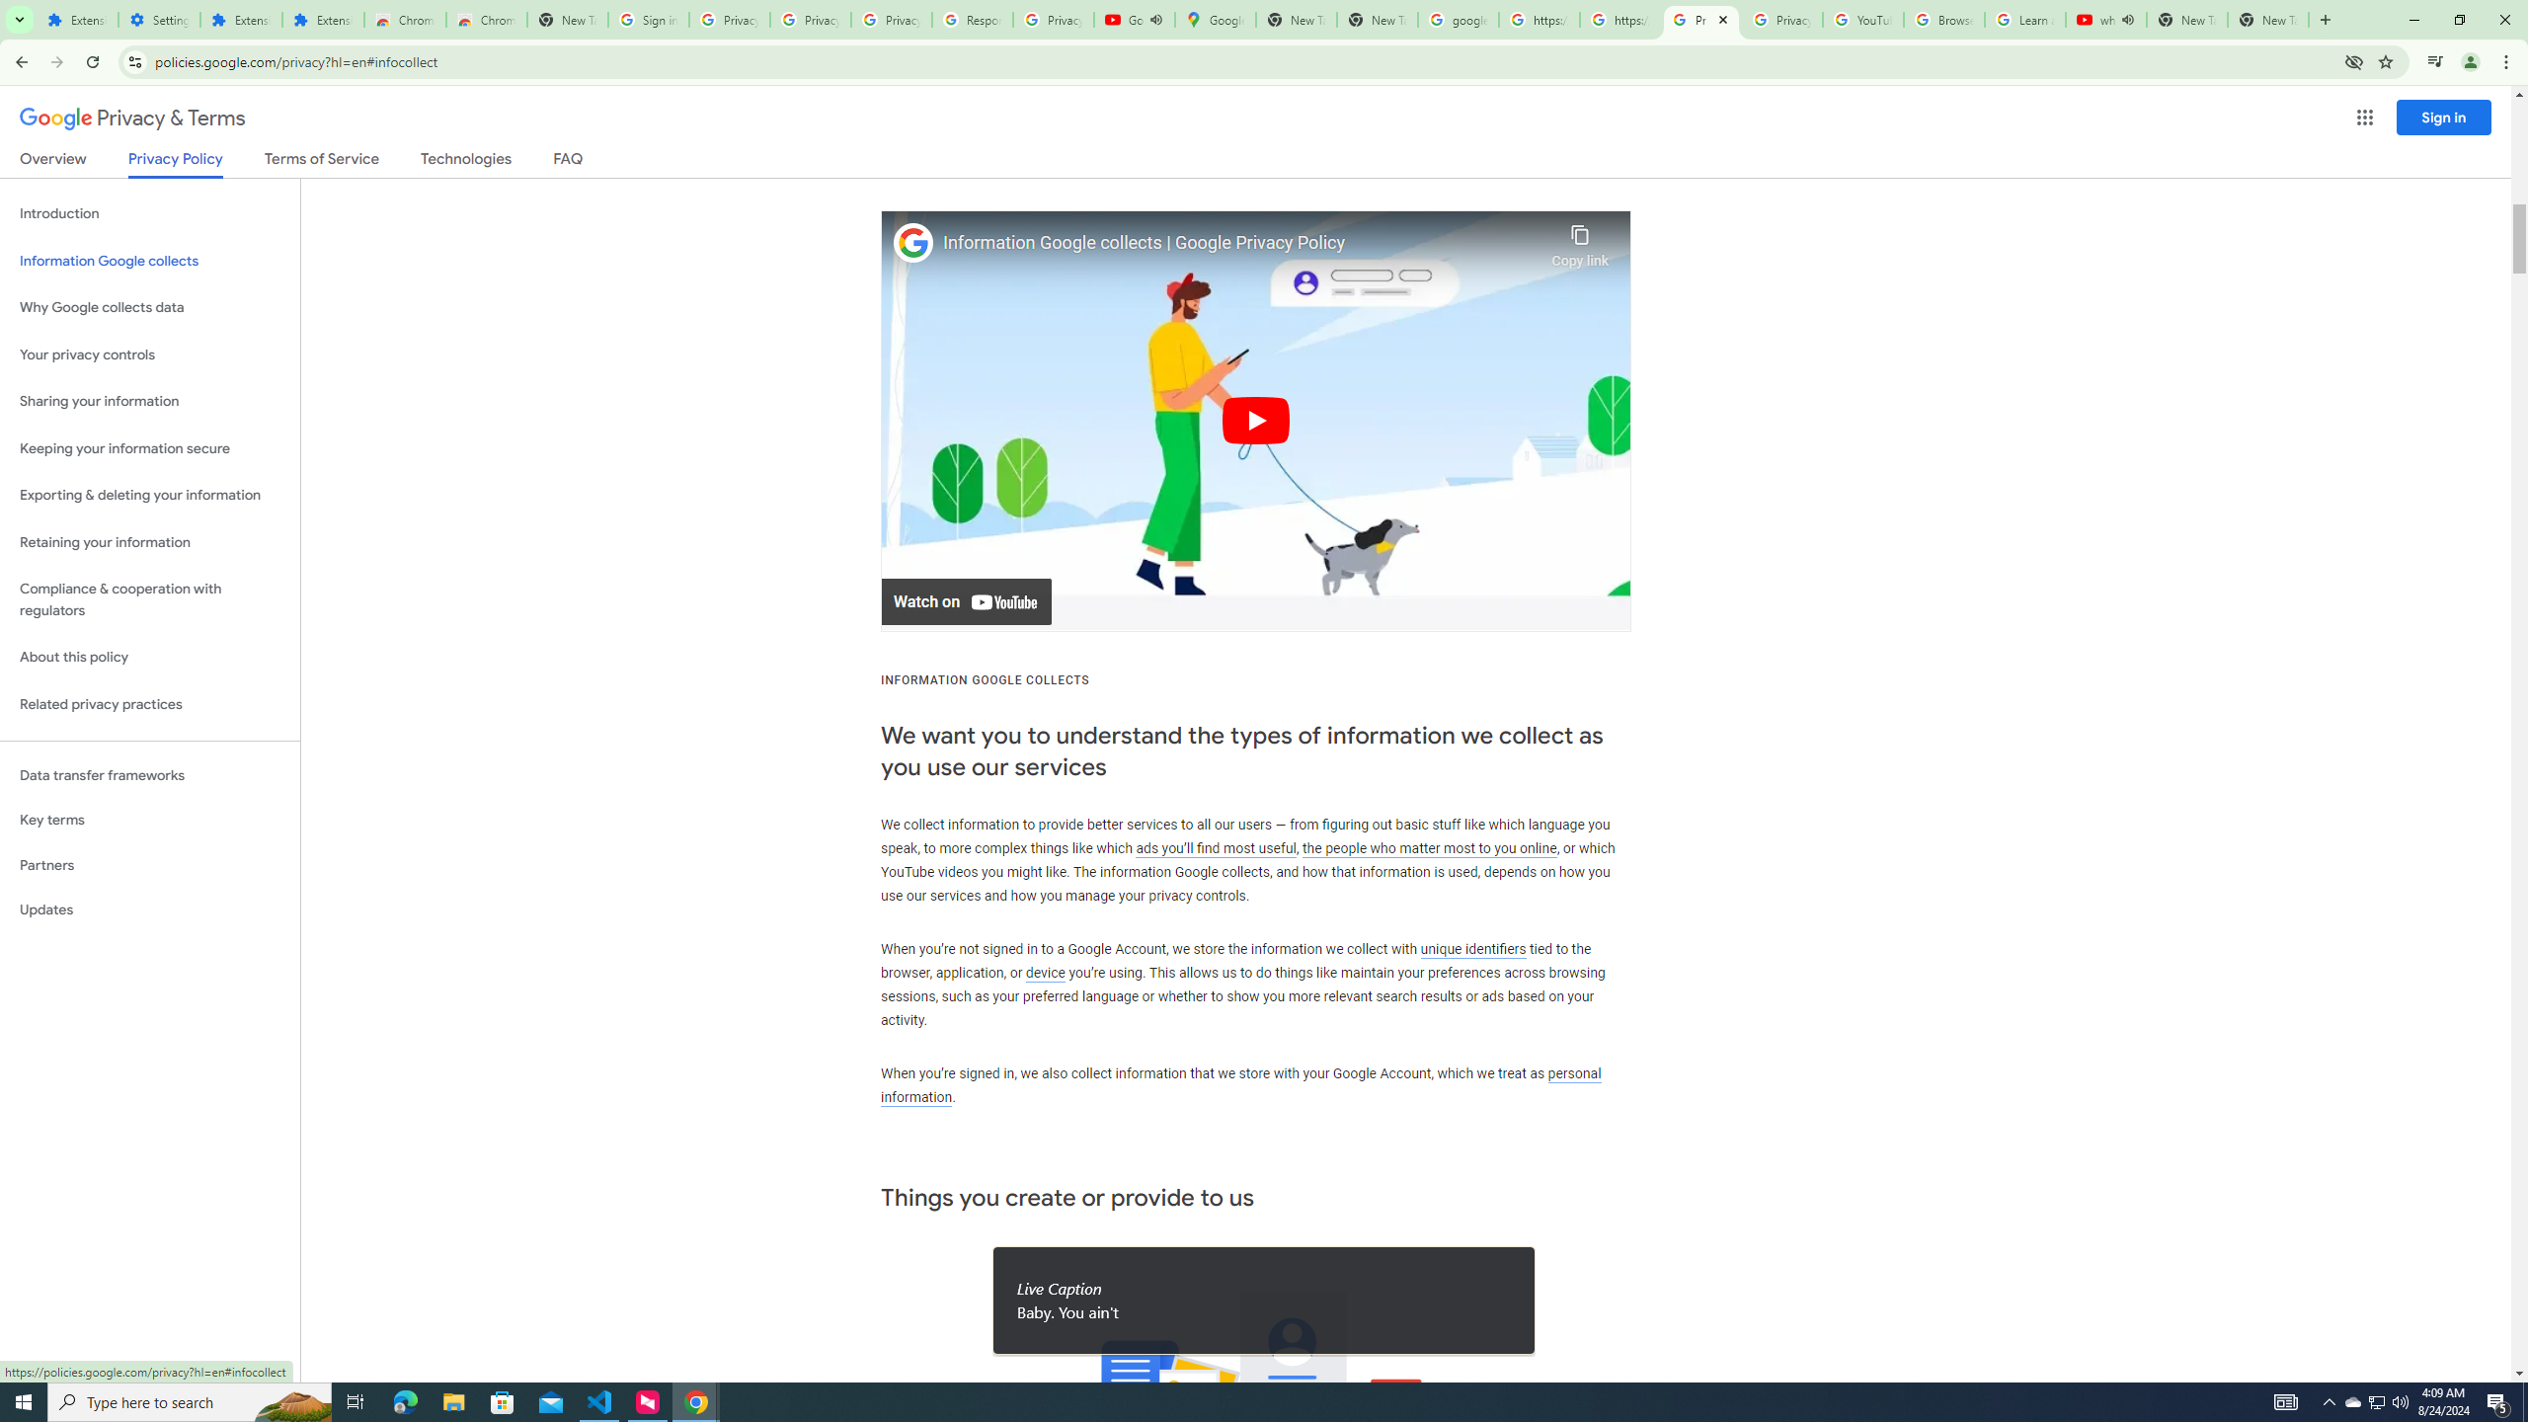 This screenshot has height=1422, width=2528. I want to click on 'About this policy', so click(149, 658).